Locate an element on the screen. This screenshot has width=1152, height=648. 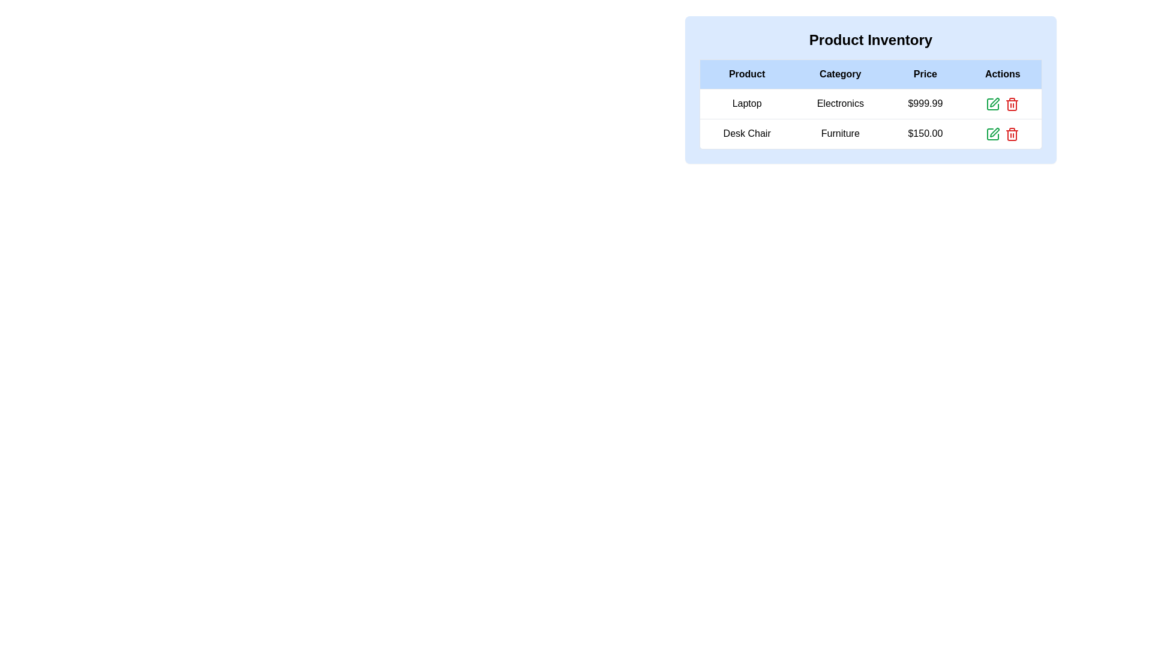
the static text element displaying the category 'Furniture' located in the second row of the table under the 'Category' column is located at coordinates (839, 134).